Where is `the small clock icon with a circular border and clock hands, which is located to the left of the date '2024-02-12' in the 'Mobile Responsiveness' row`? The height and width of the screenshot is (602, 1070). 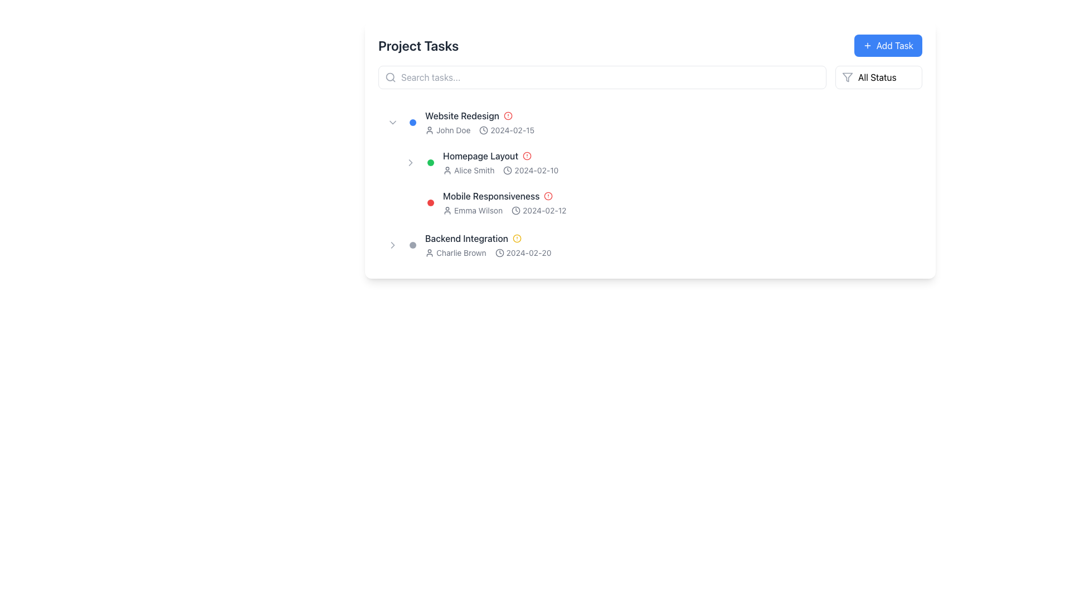 the small clock icon with a circular border and clock hands, which is located to the left of the date '2024-02-12' in the 'Mobile Responsiveness' row is located at coordinates (515, 211).